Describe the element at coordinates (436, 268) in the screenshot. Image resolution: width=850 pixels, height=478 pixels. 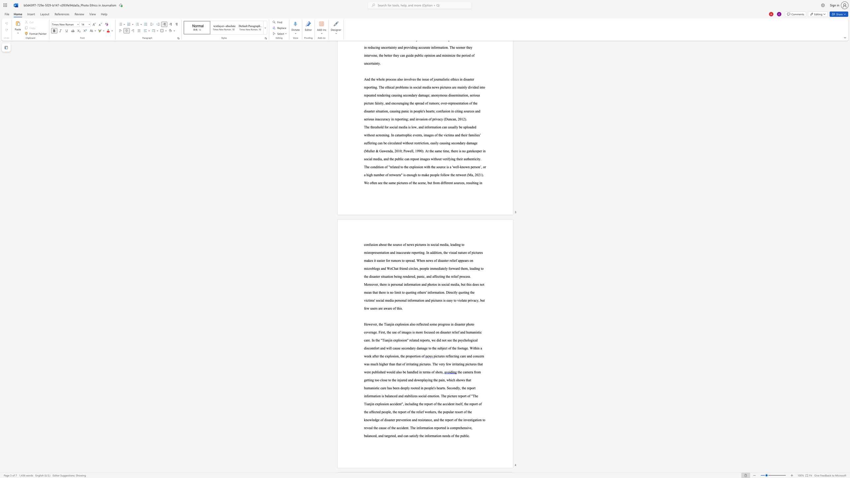
I see `the subset text "ed" within the text "immediately"` at that location.